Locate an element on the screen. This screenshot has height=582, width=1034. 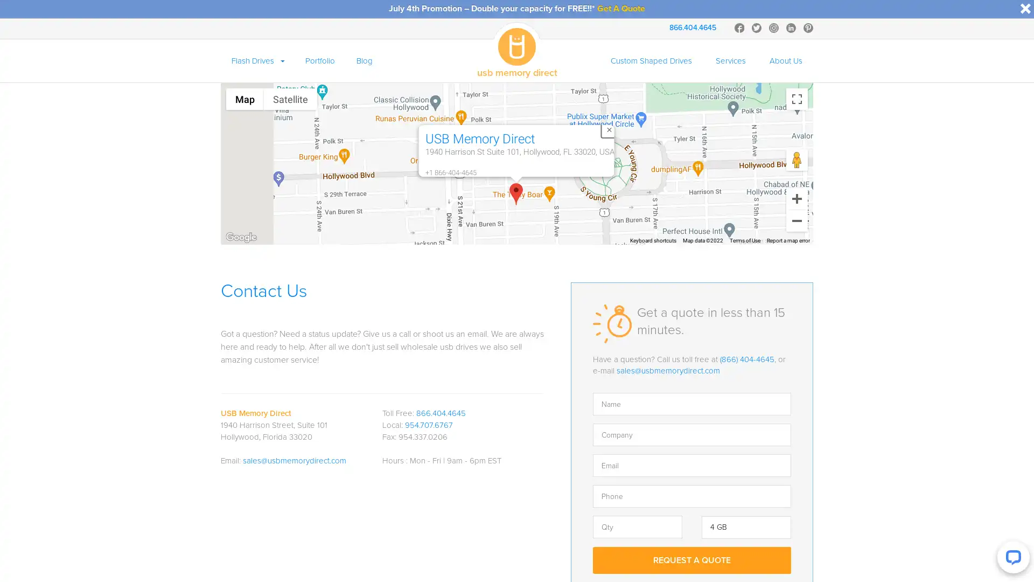
Zoom out is located at coordinates (797, 220).